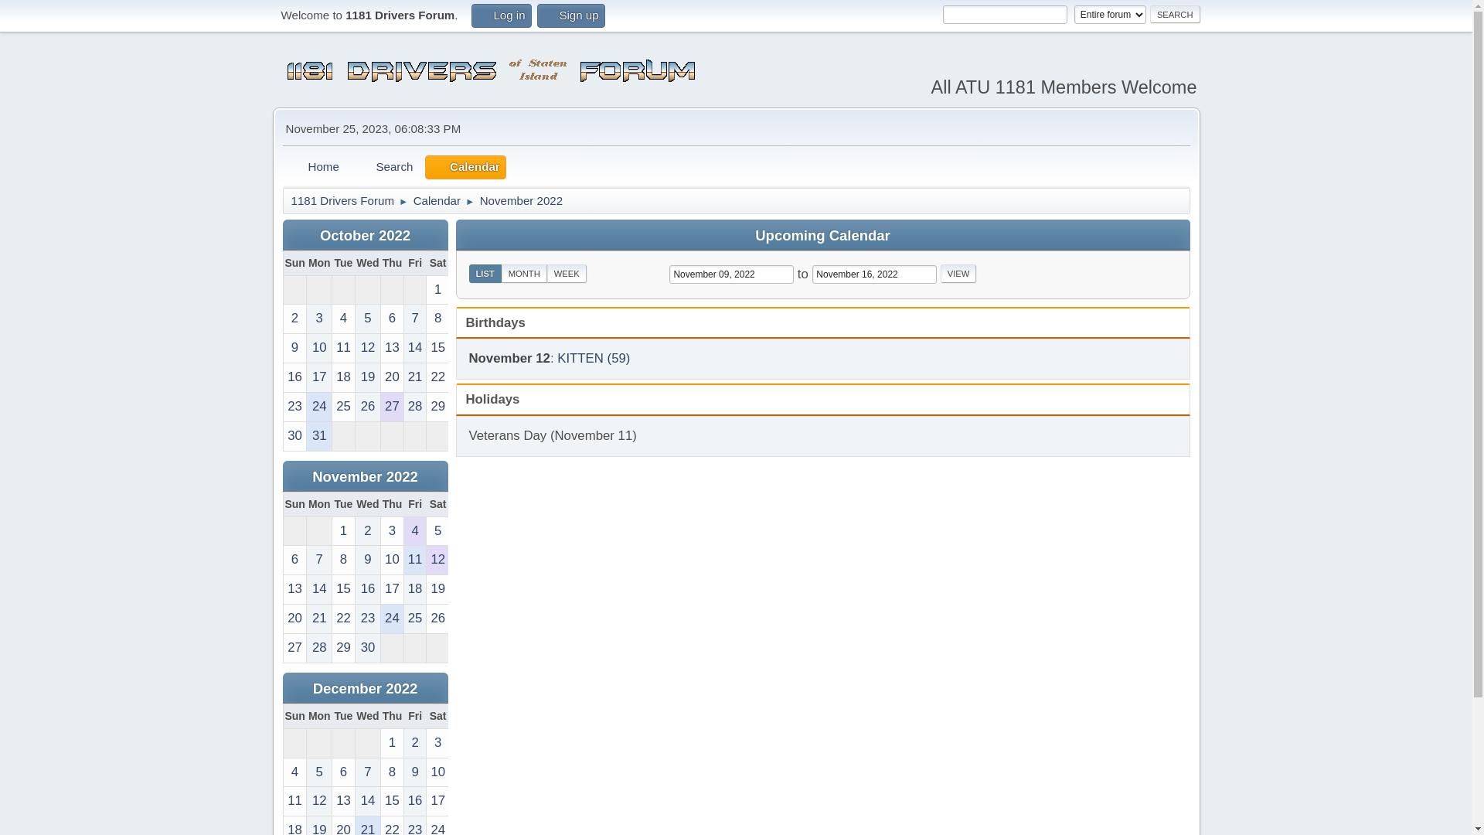  Describe the element at coordinates (294, 618) in the screenshot. I see `'20'` at that location.